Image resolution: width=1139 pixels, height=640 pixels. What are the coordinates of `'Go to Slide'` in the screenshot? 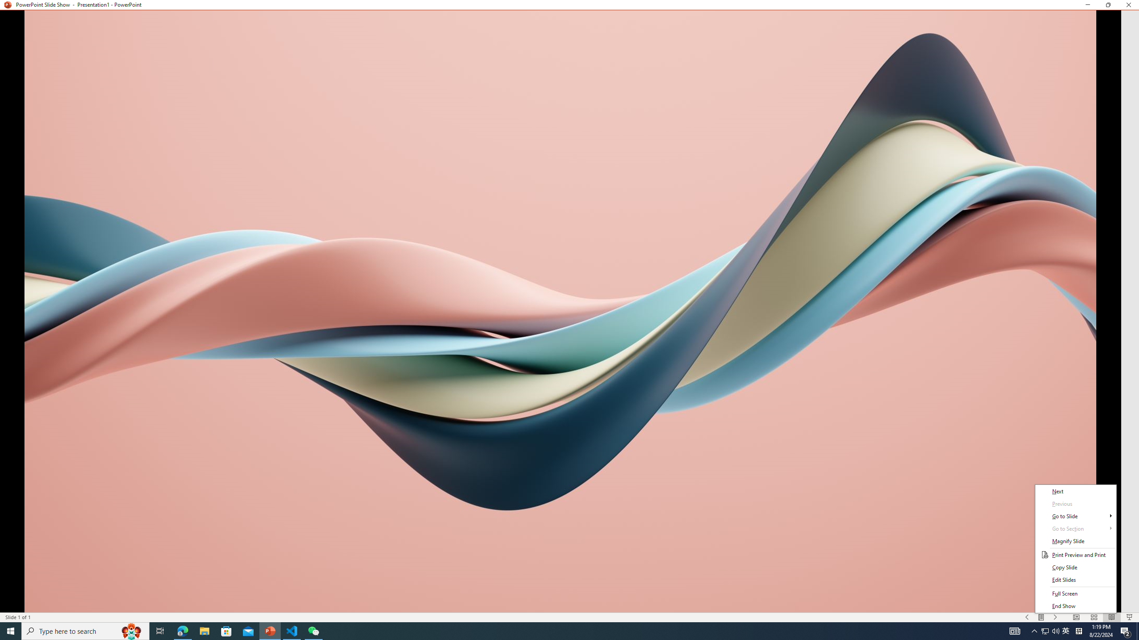 It's located at (1075, 516).